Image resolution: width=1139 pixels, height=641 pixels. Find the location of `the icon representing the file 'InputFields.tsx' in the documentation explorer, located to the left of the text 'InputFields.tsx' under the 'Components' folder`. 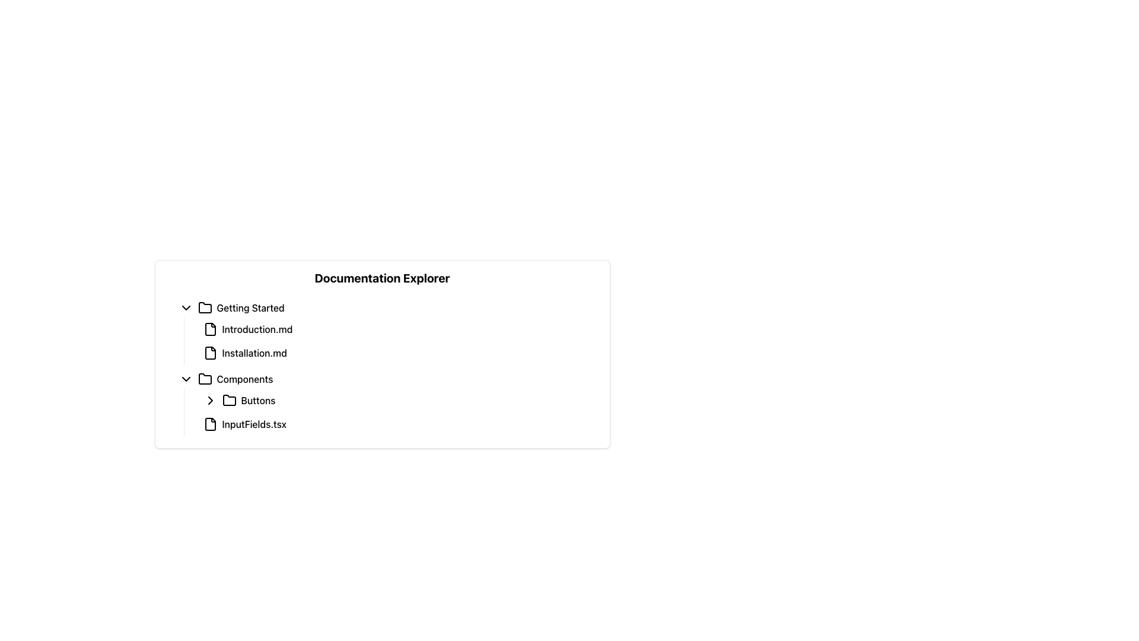

the icon representing the file 'InputFields.tsx' in the documentation explorer, located to the left of the text 'InputFields.tsx' under the 'Components' folder is located at coordinates (210, 423).